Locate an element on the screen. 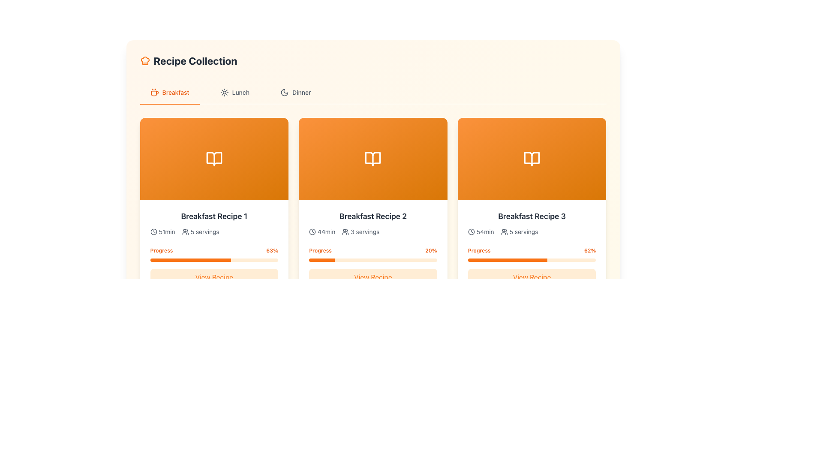 This screenshot has height=463, width=823. the orange progress bar indicator in the lower portion of the third card in the Breakfast section, which indicates completion percentage is located at coordinates (508, 259).